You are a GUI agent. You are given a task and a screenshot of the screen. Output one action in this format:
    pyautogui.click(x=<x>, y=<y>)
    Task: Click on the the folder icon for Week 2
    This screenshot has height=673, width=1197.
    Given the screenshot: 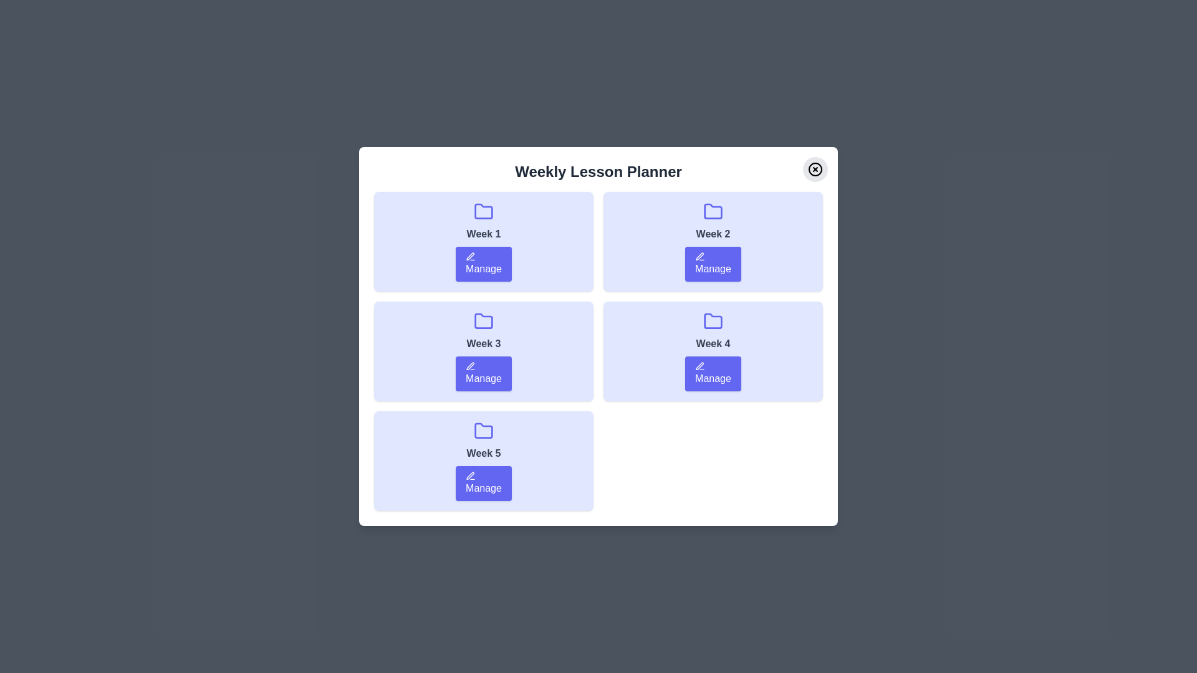 What is the action you would take?
    pyautogui.click(x=713, y=211)
    